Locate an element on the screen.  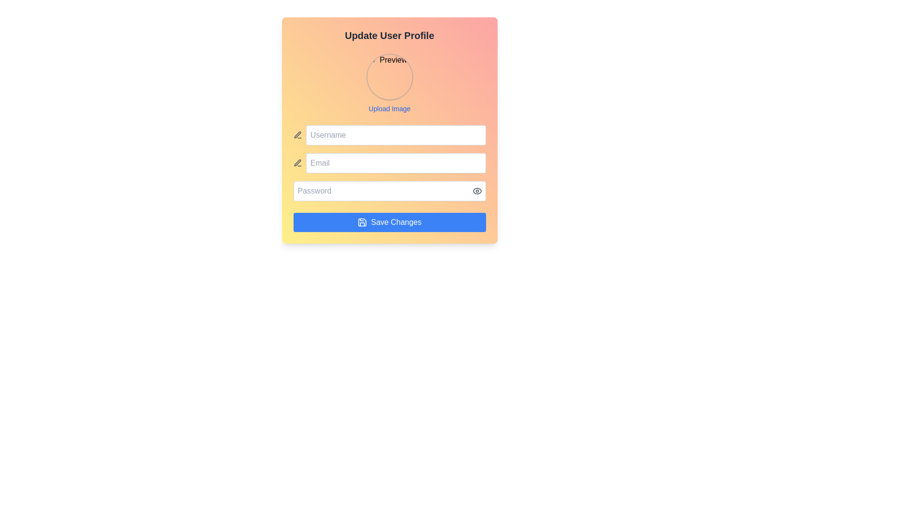
an image file onto the interactive area with the preview and upload link, located below the 'Update User Profile' title and above the input fields for Username, Email, and Password is located at coordinates (389, 83).